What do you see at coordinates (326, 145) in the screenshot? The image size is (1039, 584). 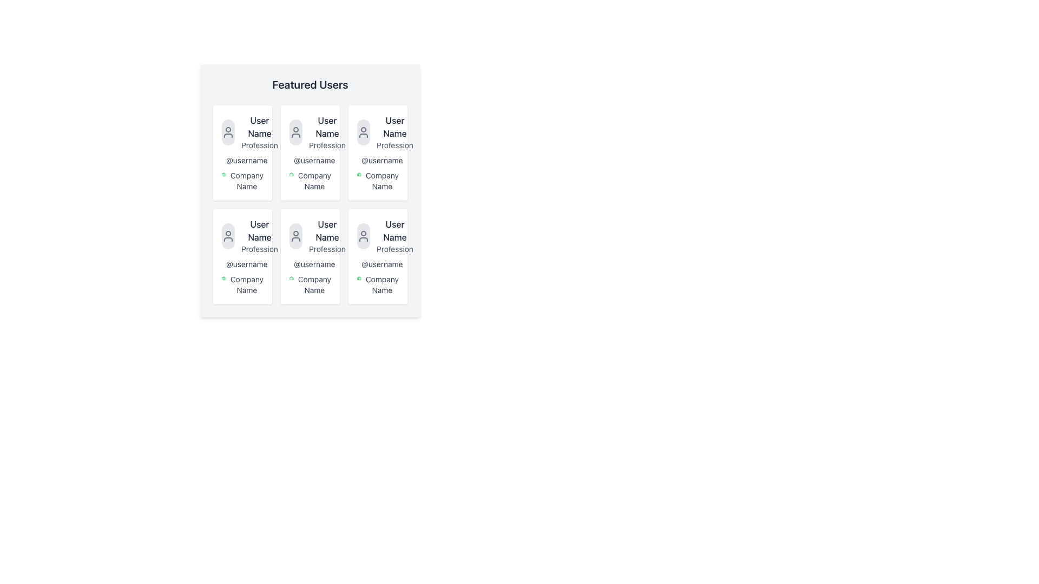 I see `the static text element that displays the professional designation or category associated with the user, located in the first row of the grid layout beneath the 'User Name' text` at bounding box center [326, 145].